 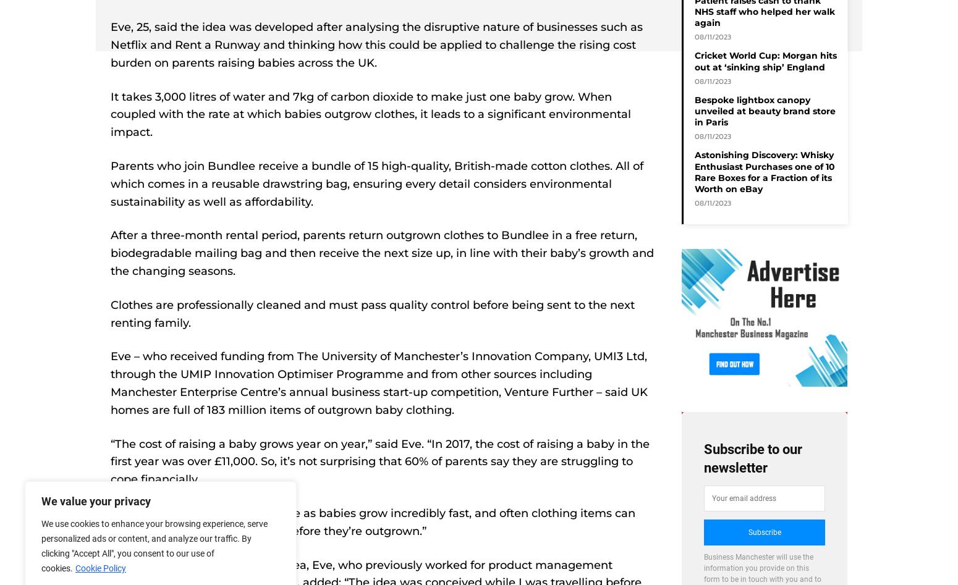 What do you see at coordinates (155, 545) in the screenshot?
I see `'We use cookies to enhance your browsing experience, serve personalized ads or content, and analyze our traffic. By clicking "Accept All", you consent to our use of cookies.'` at bounding box center [155, 545].